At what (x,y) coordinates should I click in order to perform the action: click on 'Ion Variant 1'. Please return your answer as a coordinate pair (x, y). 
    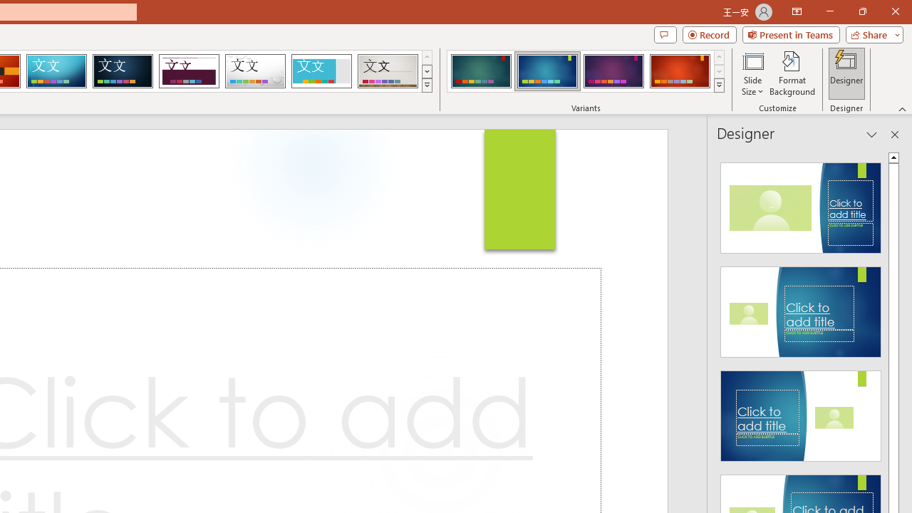
    Looking at the image, I should click on (481, 71).